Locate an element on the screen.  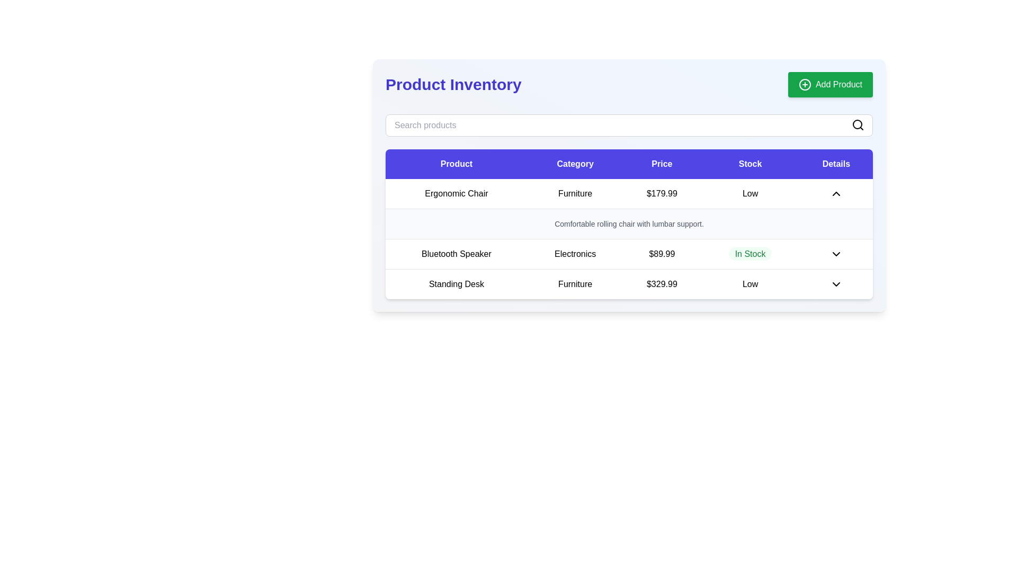
the Text Label indicating the low stock status of the 'Standing Desk' item, which is located in the last row of the table under the 'Stock' column is located at coordinates (750, 283).